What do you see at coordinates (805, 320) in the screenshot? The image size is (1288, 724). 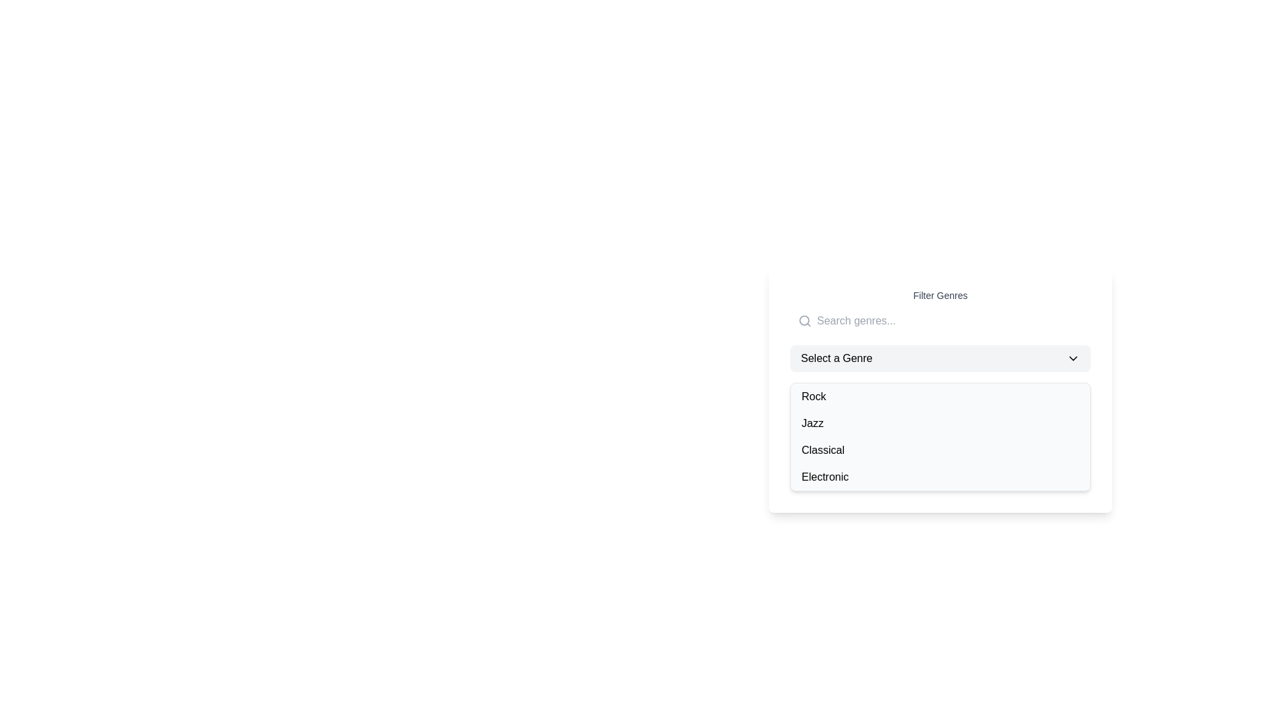 I see `the magnifying glass icon located to the far left of the search input field` at bounding box center [805, 320].